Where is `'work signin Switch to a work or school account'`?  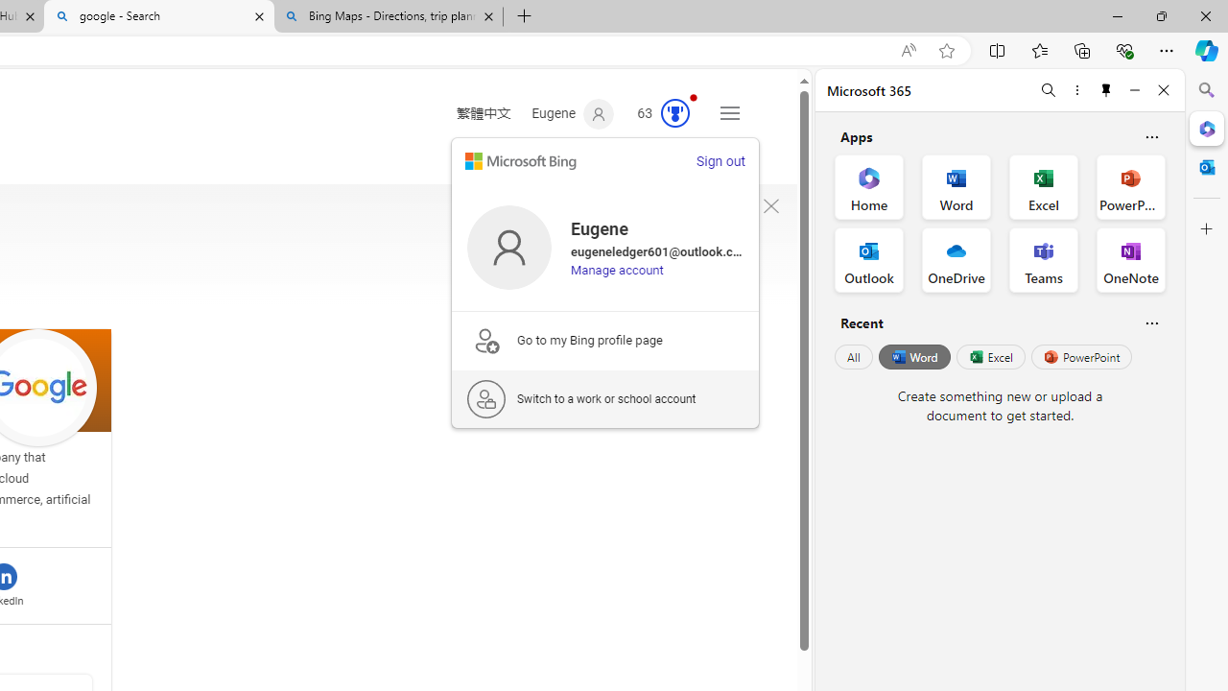 'work signin Switch to a work or school account' is located at coordinates (604, 397).